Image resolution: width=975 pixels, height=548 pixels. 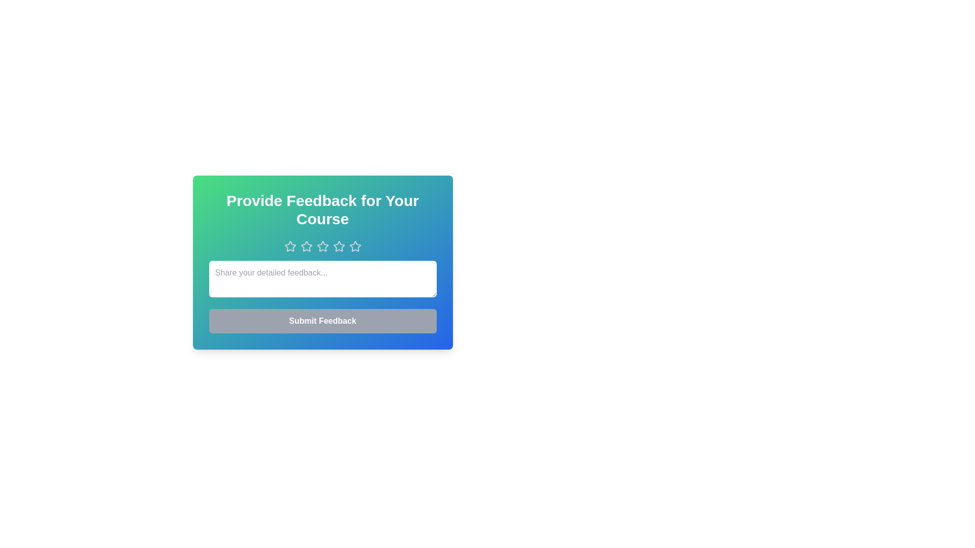 What do you see at coordinates (306, 247) in the screenshot?
I see `the star corresponding to the rating 2 to set it` at bounding box center [306, 247].